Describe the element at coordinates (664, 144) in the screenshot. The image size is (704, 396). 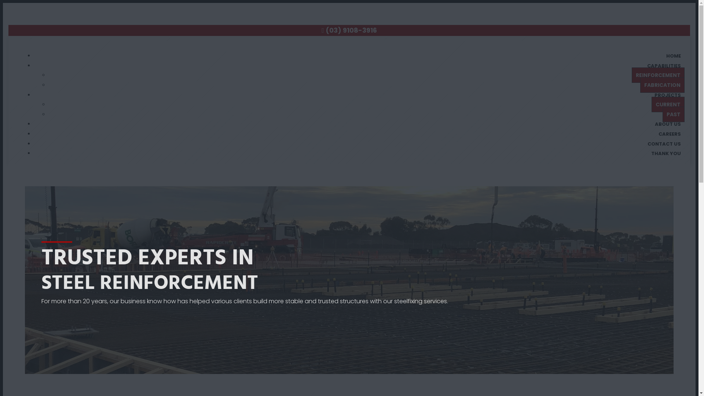
I see `'CONTACT US'` at that location.